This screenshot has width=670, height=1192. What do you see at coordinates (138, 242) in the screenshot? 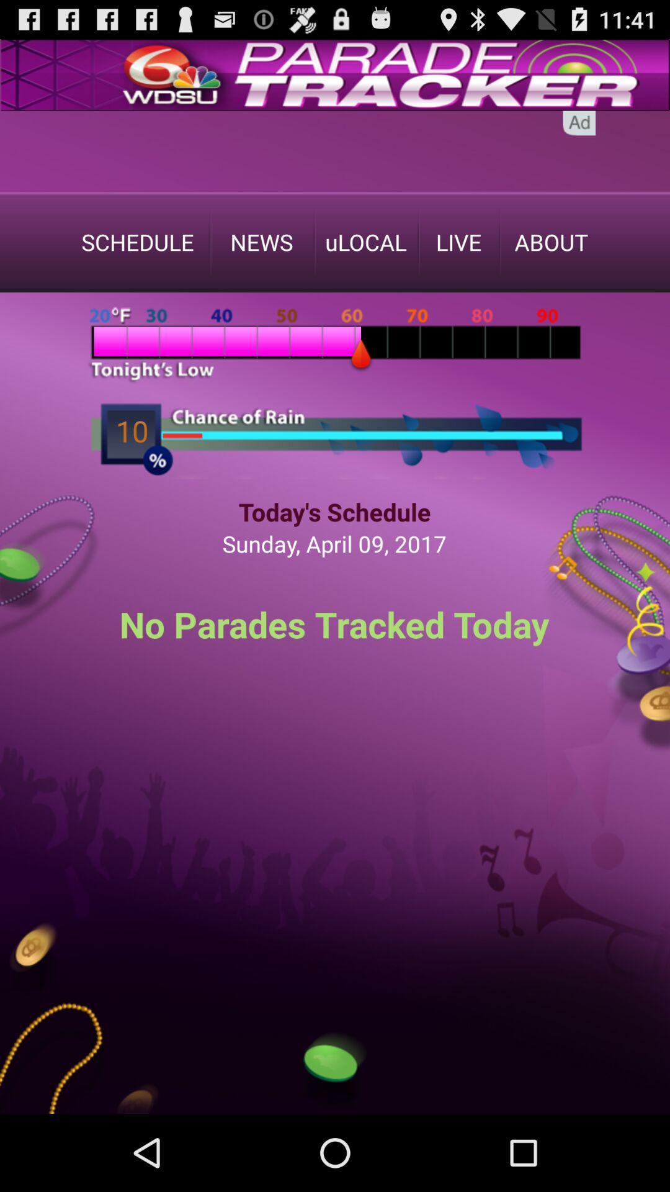
I see `schedule` at bounding box center [138, 242].